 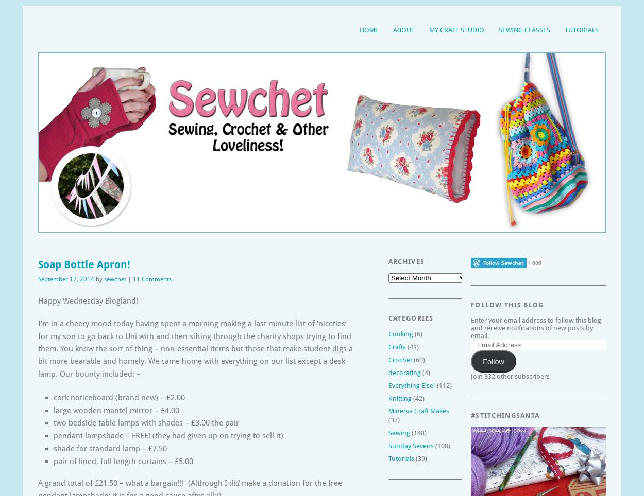 What do you see at coordinates (510, 376) in the screenshot?
I see `'Join 832 other subscribers'` at bounding box center [510, 376].